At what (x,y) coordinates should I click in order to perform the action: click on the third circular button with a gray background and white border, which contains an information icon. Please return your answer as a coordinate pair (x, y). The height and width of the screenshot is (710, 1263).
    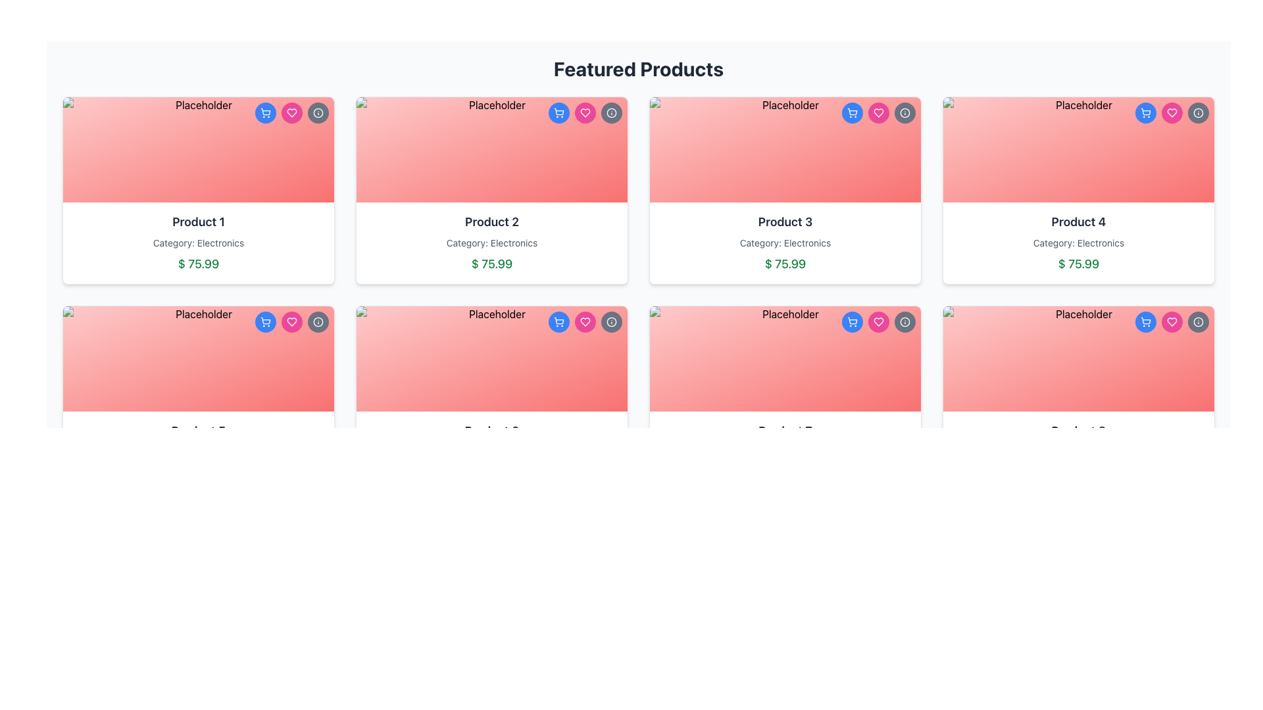
    Looking at the image, I should click on (611, 321).